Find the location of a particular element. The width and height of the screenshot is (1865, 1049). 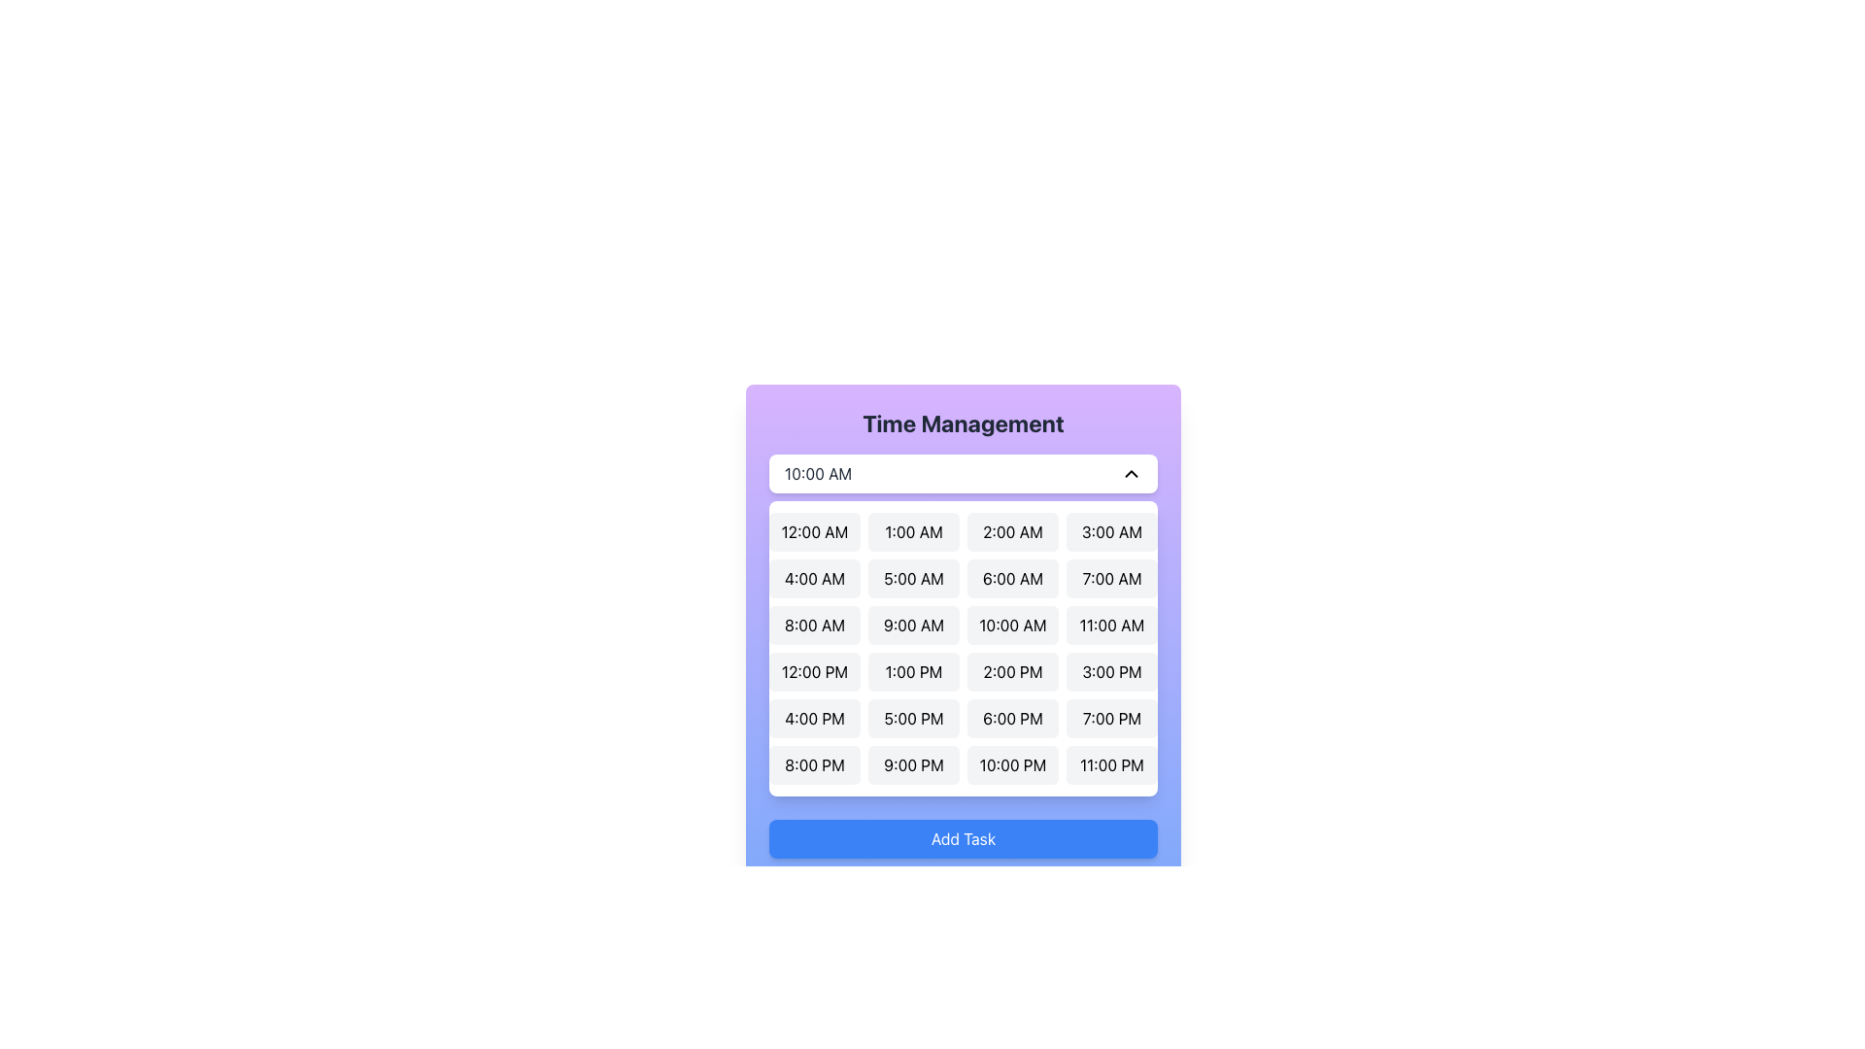

the button displaying '8:00 PM' is located at coordinates (815, 763).